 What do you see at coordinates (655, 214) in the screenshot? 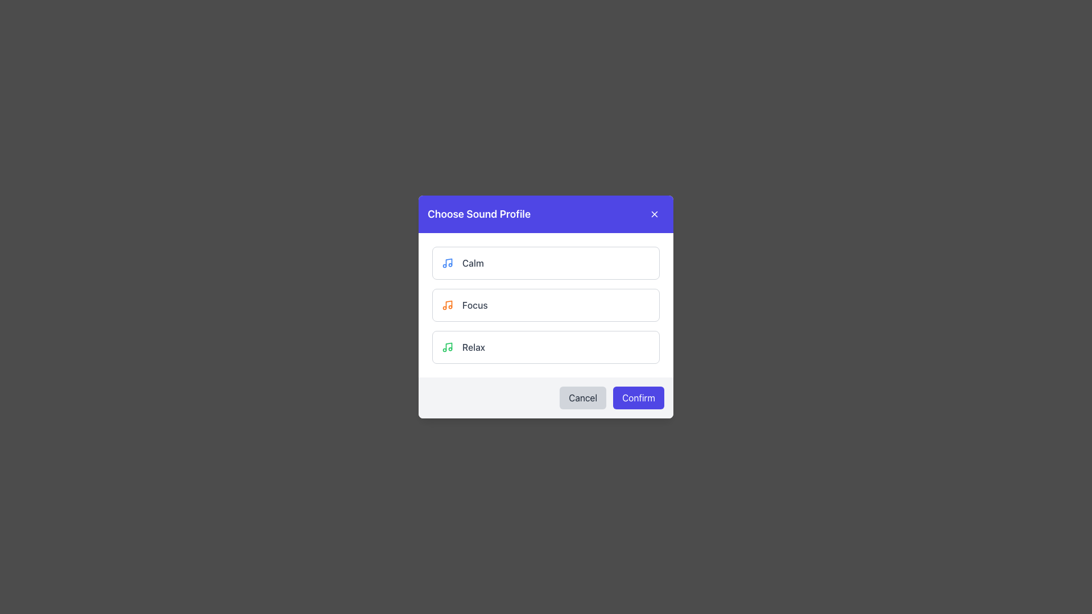
I see `the close button located at the top-right of the 'Choose Sound Profile' dialog box` at bounding box center [655, 214].